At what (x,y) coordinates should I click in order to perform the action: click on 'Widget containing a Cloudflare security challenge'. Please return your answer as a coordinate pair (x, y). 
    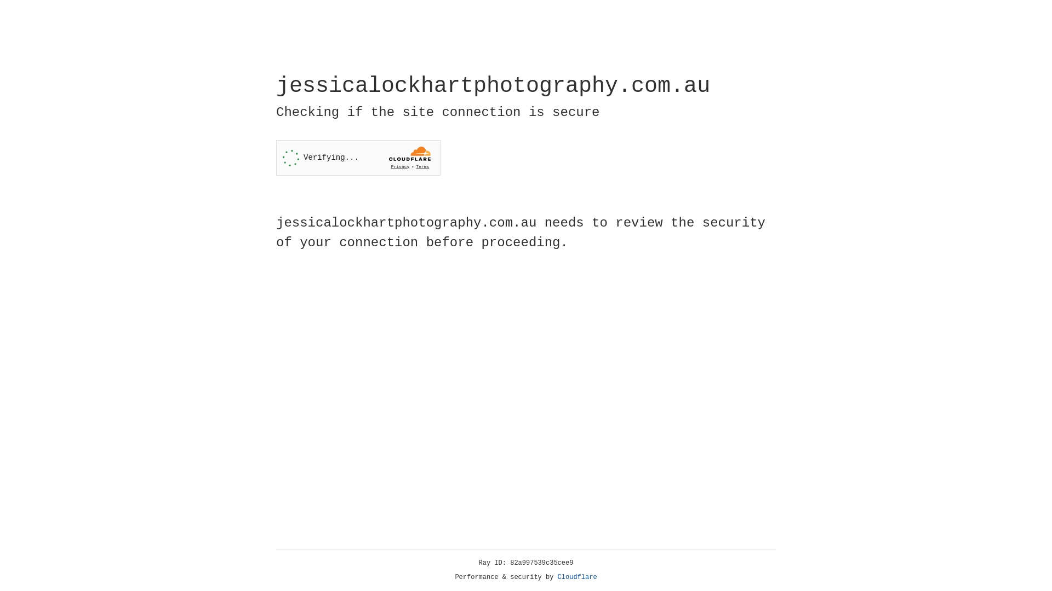
    Looking at the image, I should click on (358, 158).